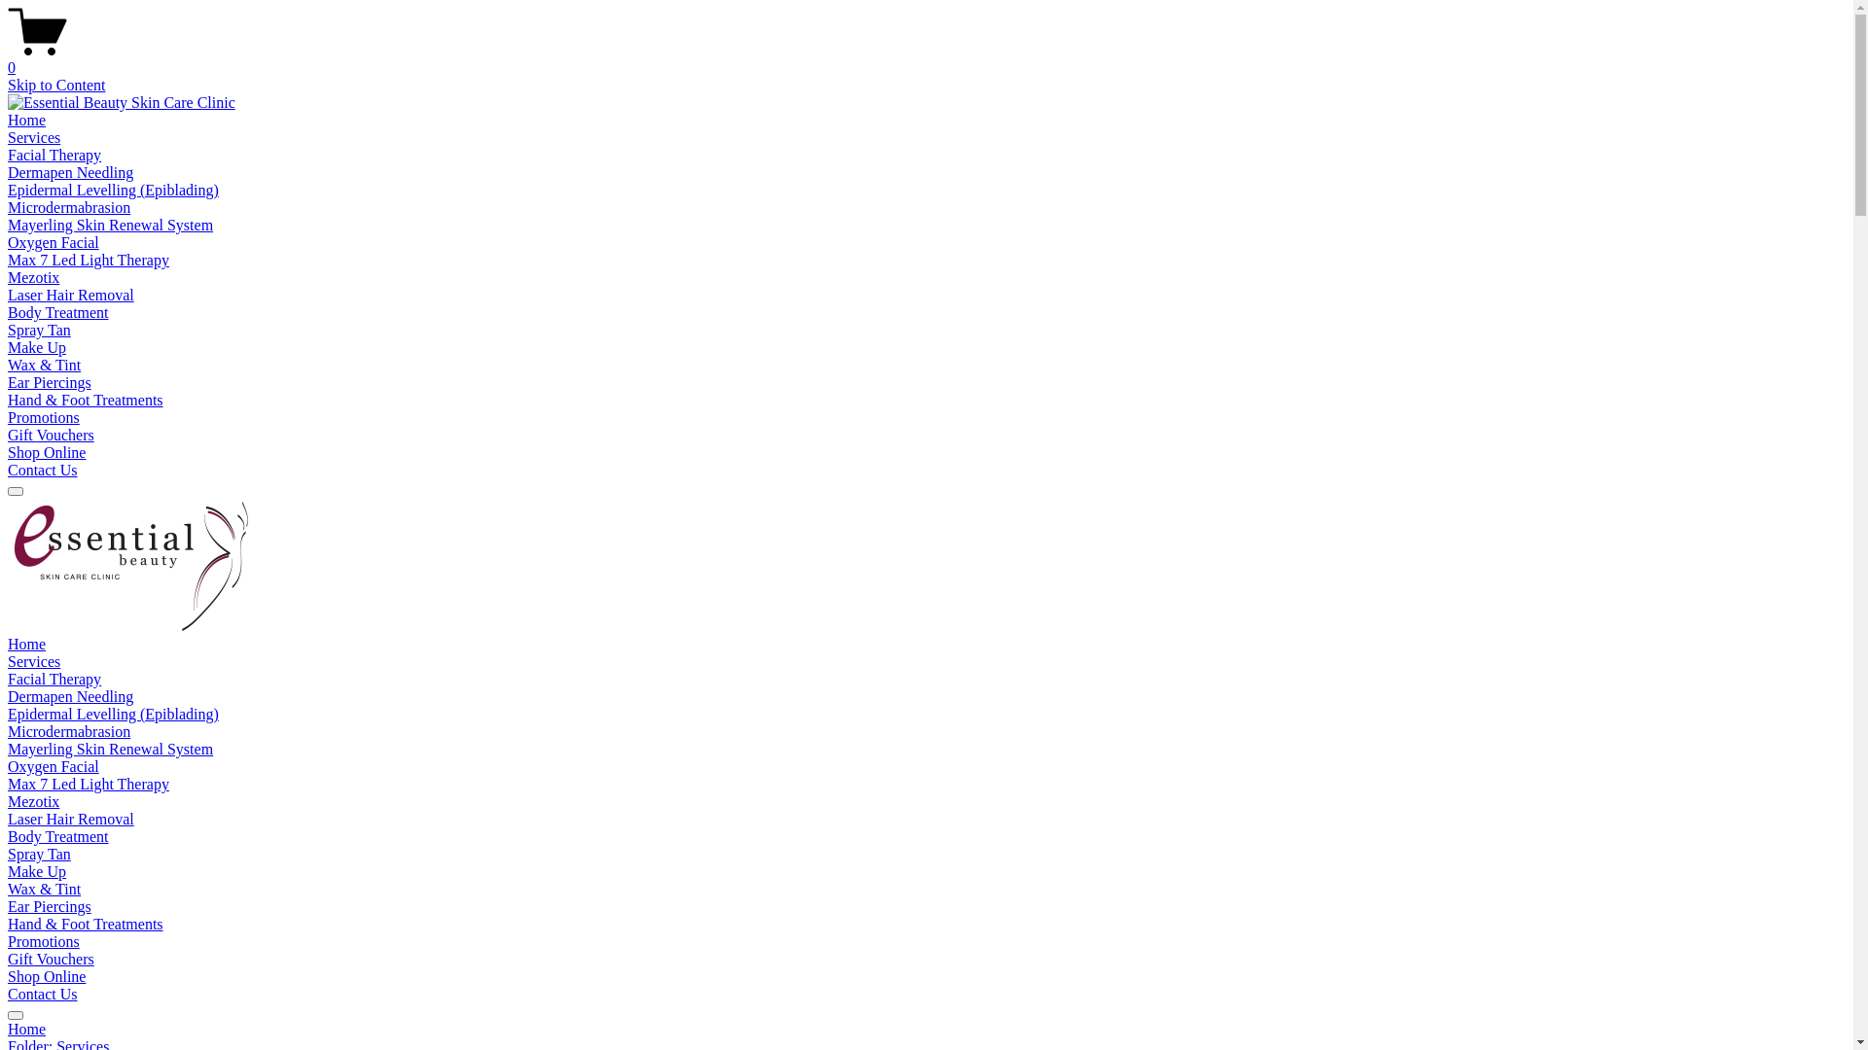 The image size is (1868, 1050). I want to click on 'Contact Us', so click(42, 470).